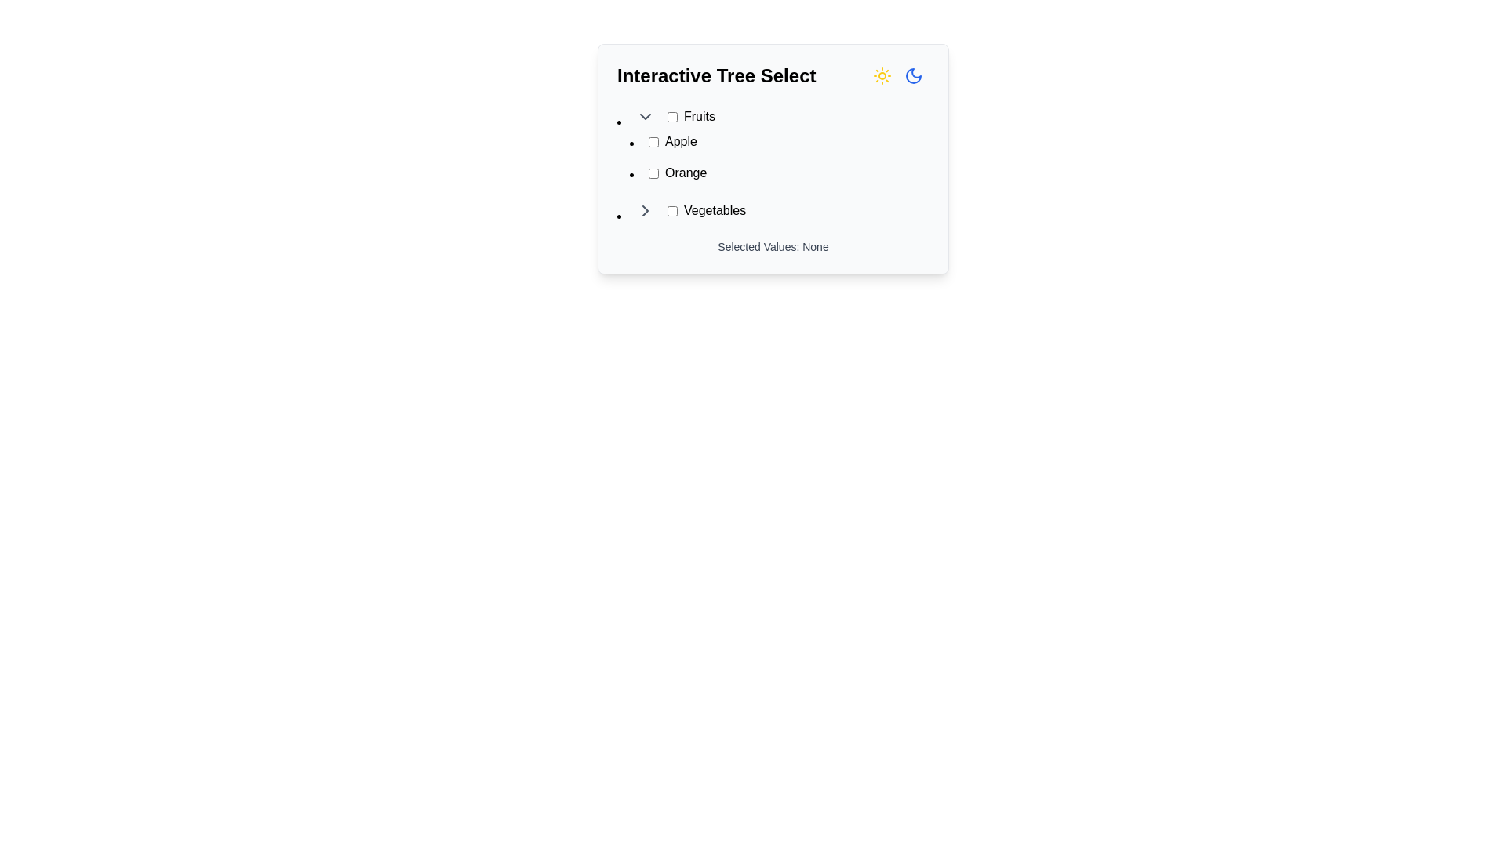  What do you see at coordinates (681, 142) in the screenshot?
I see `the text label element displaying the word 'Apple' in a tree selection interface under the 'Fruits' category, located next to an interactive checkbox` at bounding box center [681, 142].